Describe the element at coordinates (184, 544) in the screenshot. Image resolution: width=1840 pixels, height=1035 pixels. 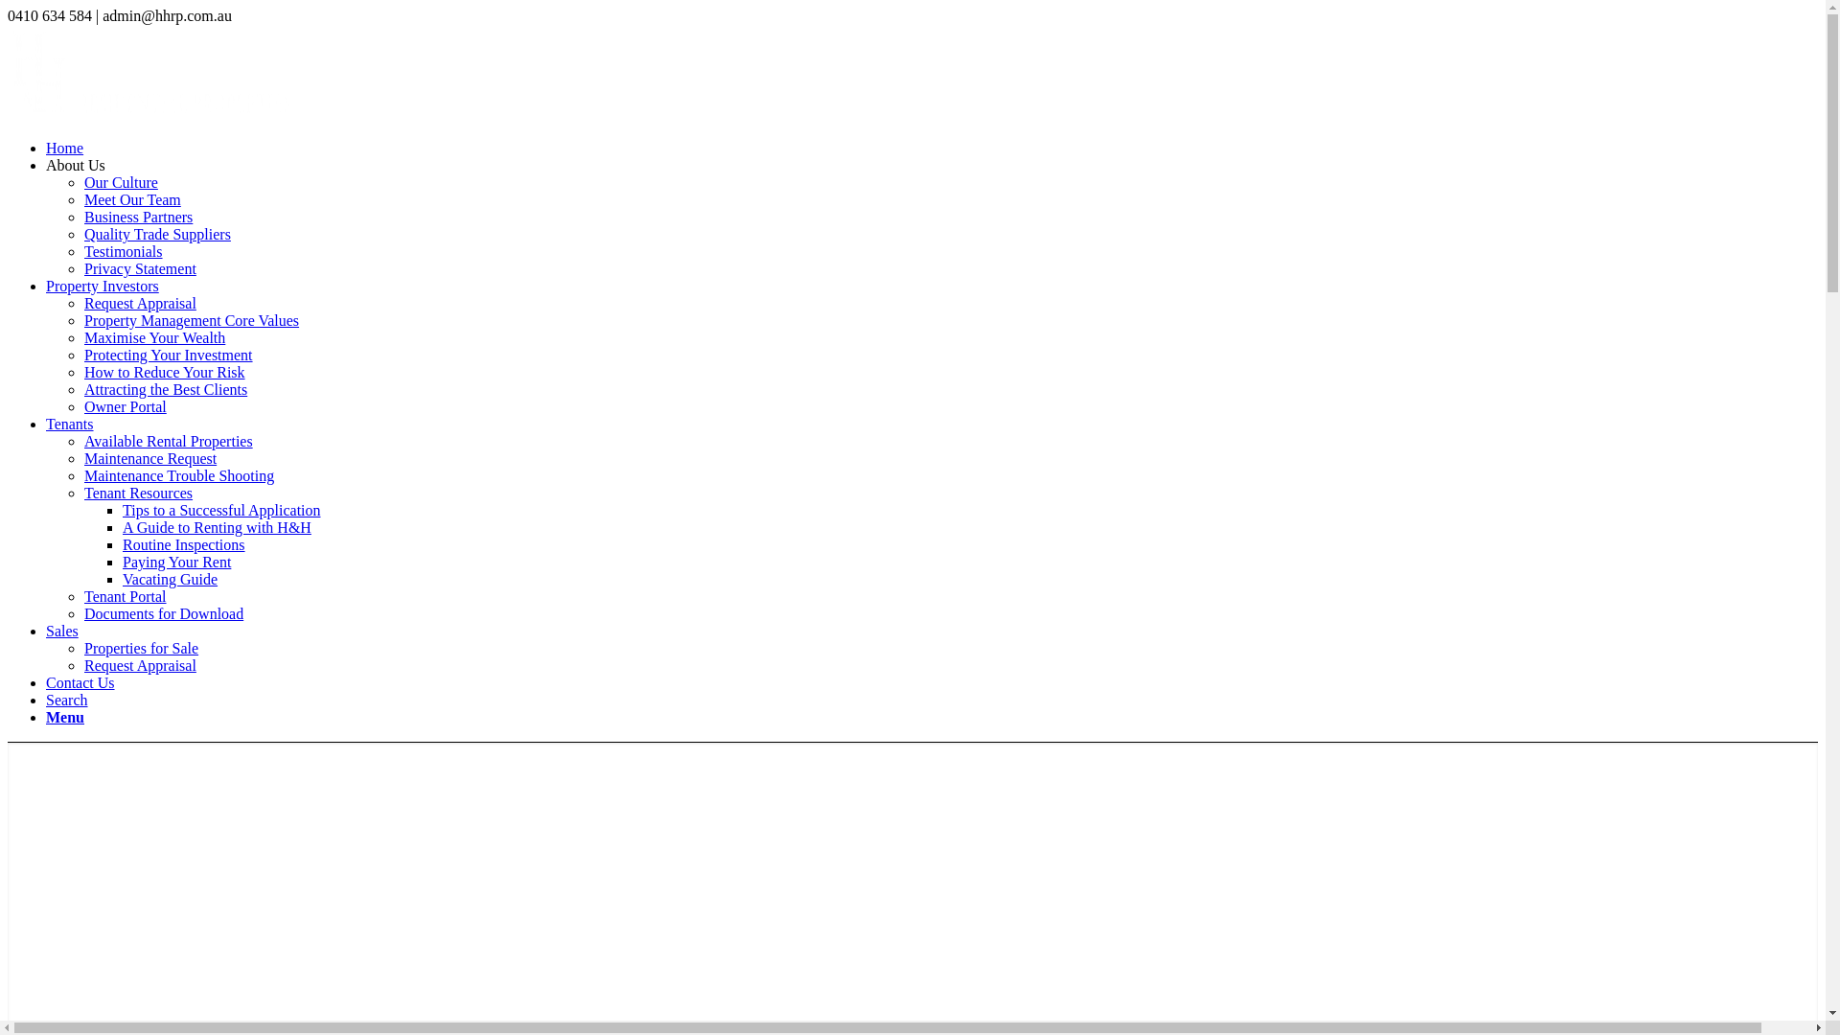
I see `'Routine Inspections'` at that location.